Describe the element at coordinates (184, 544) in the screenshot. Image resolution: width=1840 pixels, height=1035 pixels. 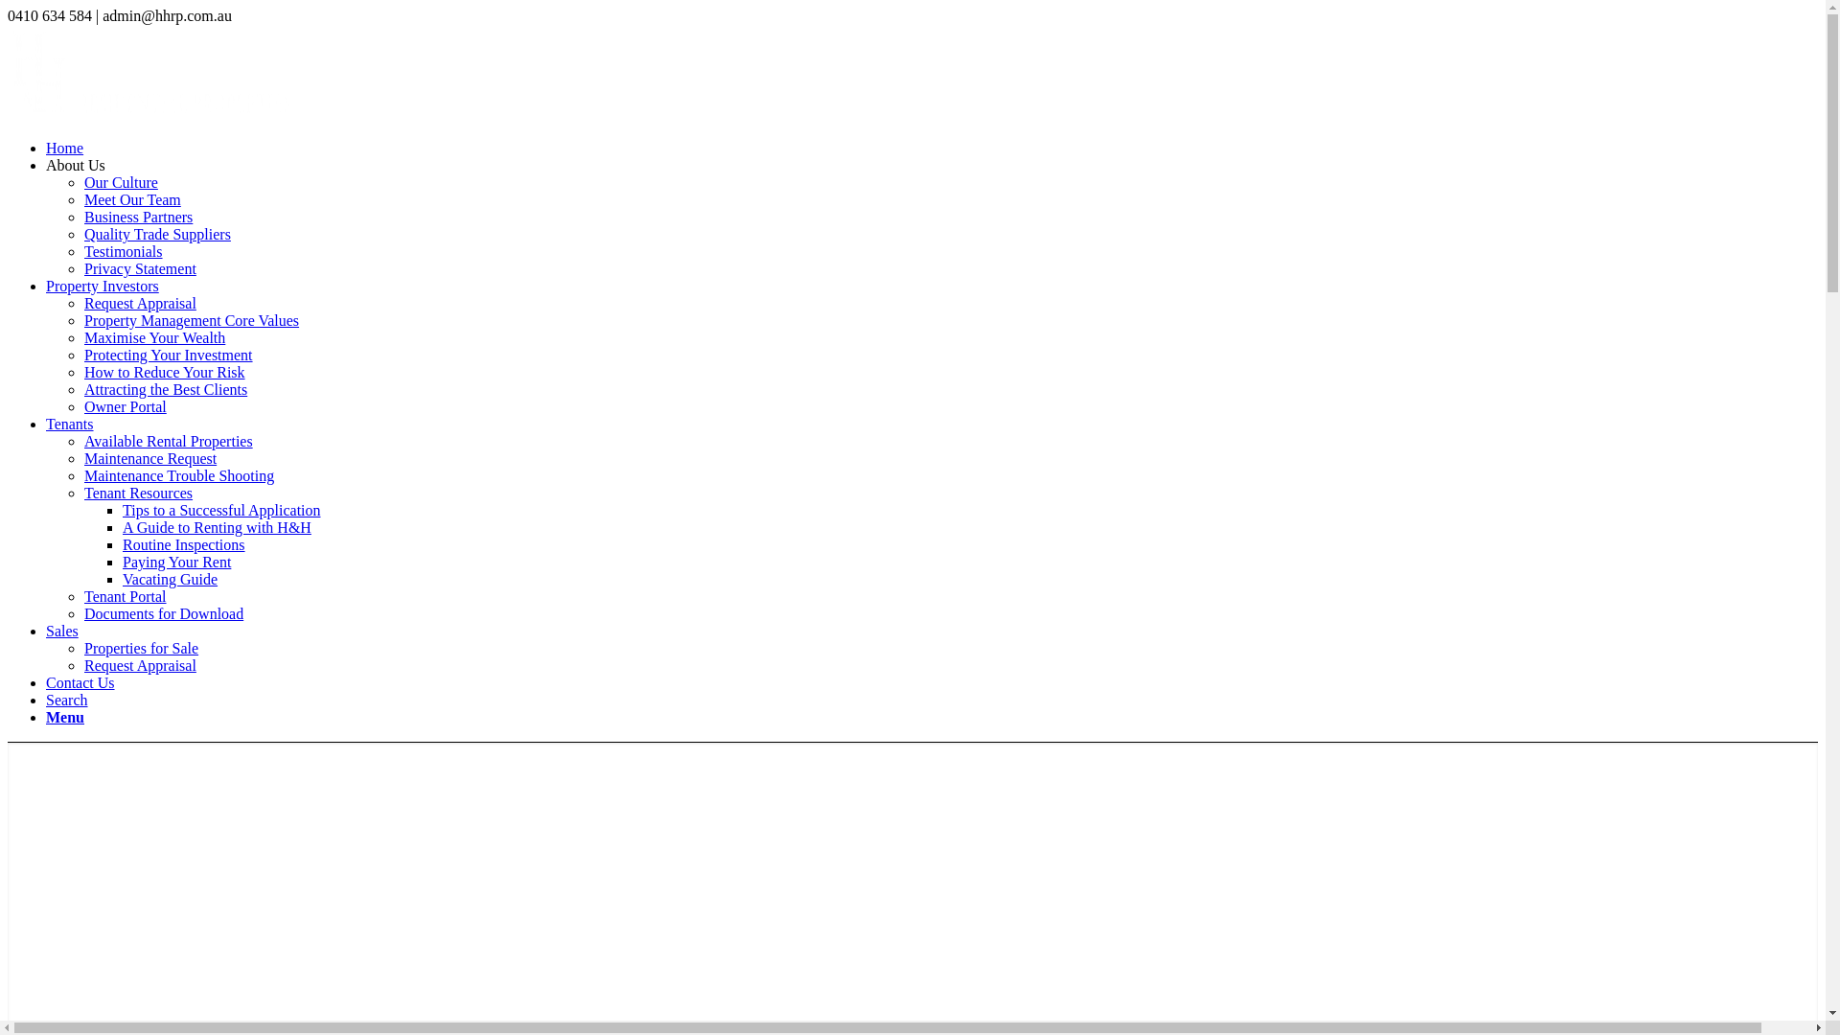
I see `'Routine Inspections'` at that location.